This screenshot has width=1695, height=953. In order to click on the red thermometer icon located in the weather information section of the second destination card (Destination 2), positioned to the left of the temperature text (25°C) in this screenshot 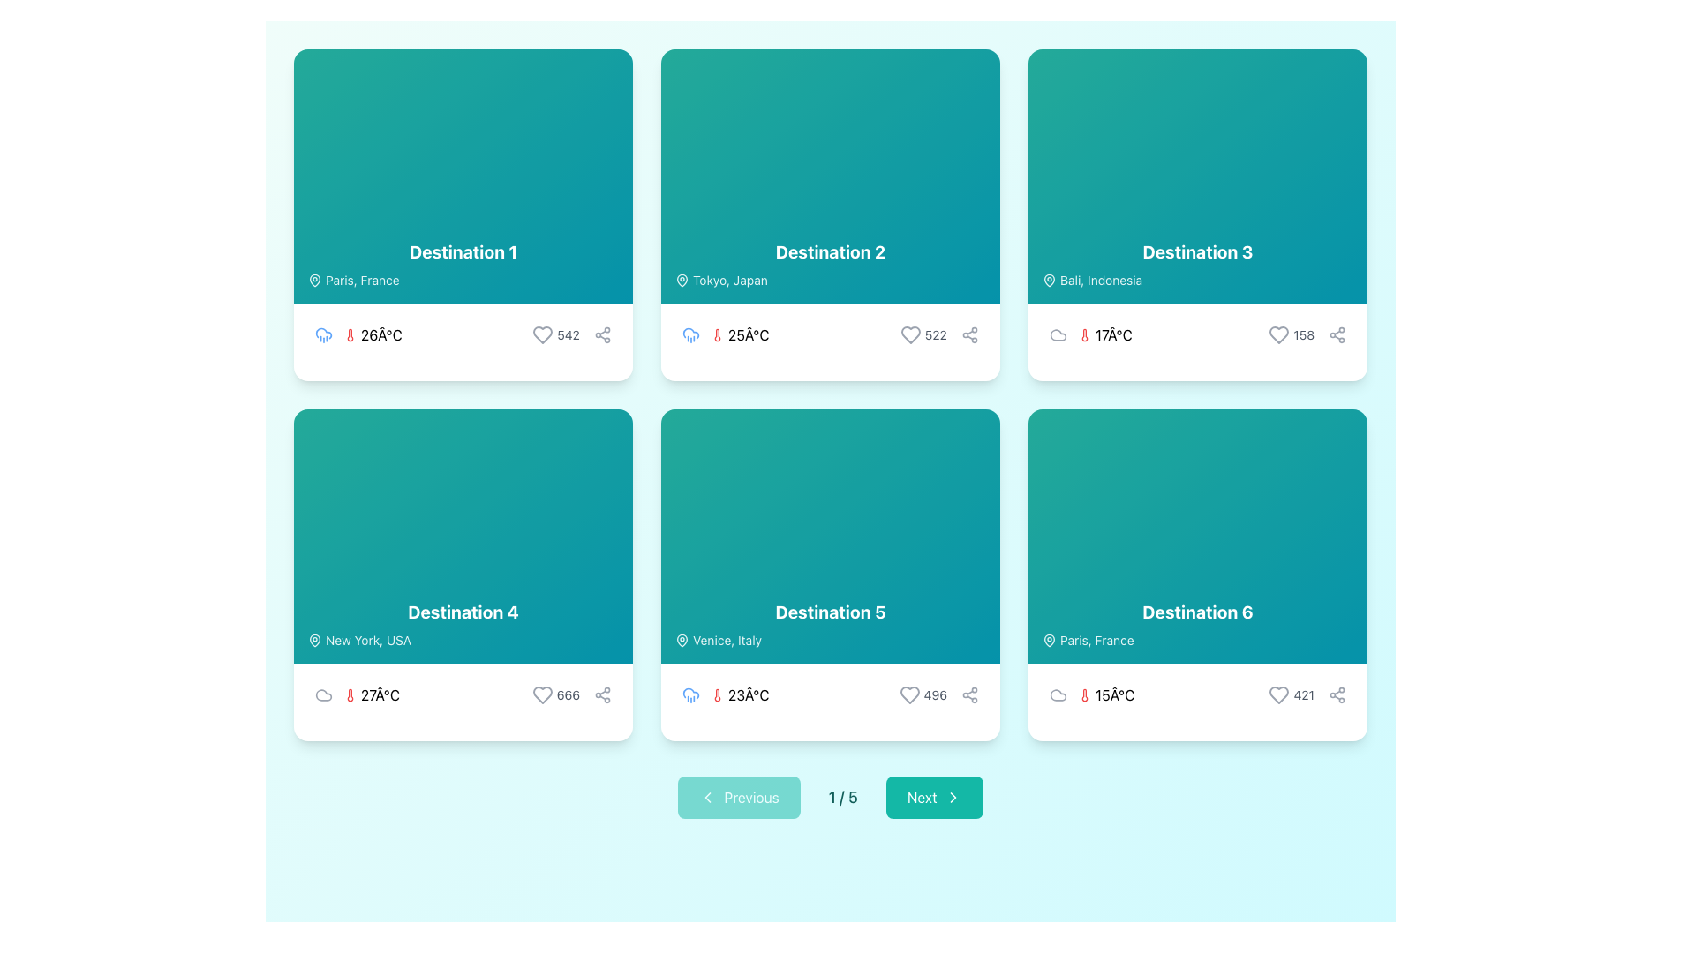, I will do `click(717, 335)`.